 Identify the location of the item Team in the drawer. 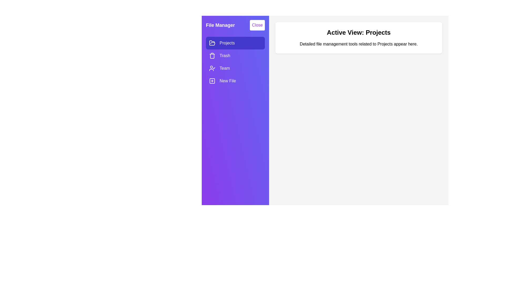
(235, 68).